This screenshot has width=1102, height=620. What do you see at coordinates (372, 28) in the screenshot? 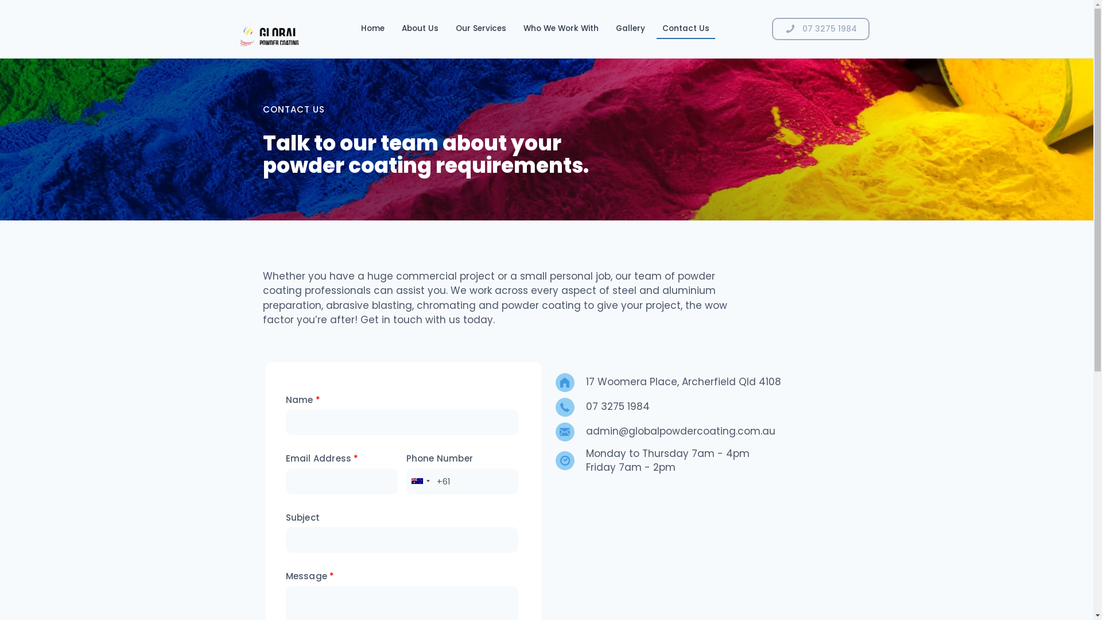
I see `'Home'` at bounding box center [372, 28].